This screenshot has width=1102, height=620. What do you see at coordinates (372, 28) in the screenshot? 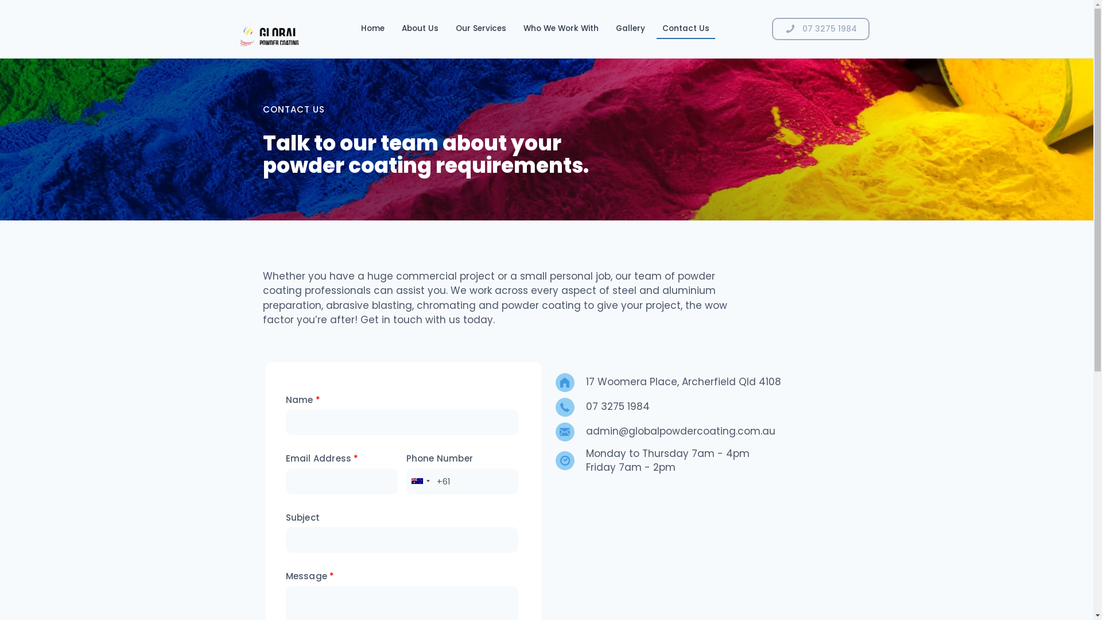
I see `'Home'` at bounding box center [372, 28].